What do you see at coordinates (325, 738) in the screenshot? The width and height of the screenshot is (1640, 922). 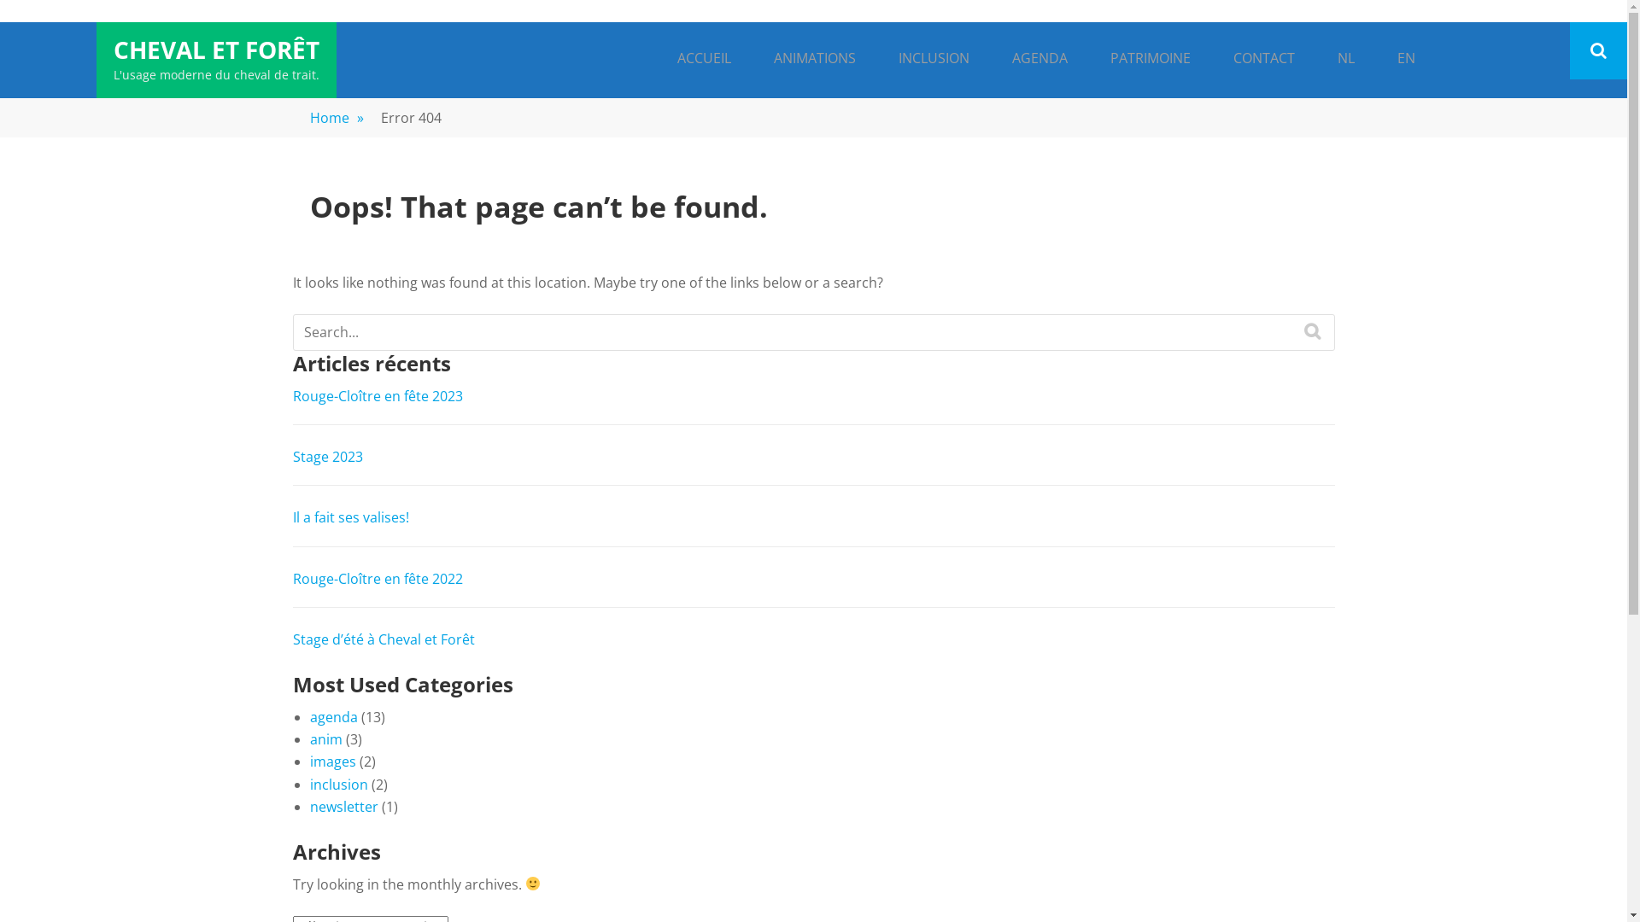 I see `'anim'` at bounding box center [325, 738].